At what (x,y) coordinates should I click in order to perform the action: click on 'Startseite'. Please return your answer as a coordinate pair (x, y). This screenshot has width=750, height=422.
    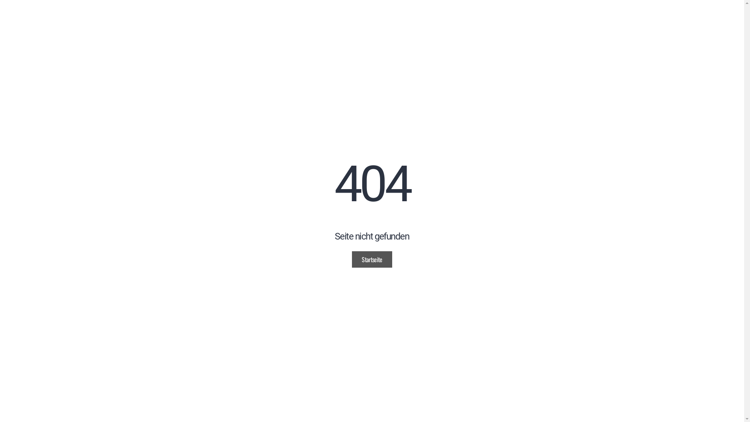
    Looking at the image, I should click on (352, 259).